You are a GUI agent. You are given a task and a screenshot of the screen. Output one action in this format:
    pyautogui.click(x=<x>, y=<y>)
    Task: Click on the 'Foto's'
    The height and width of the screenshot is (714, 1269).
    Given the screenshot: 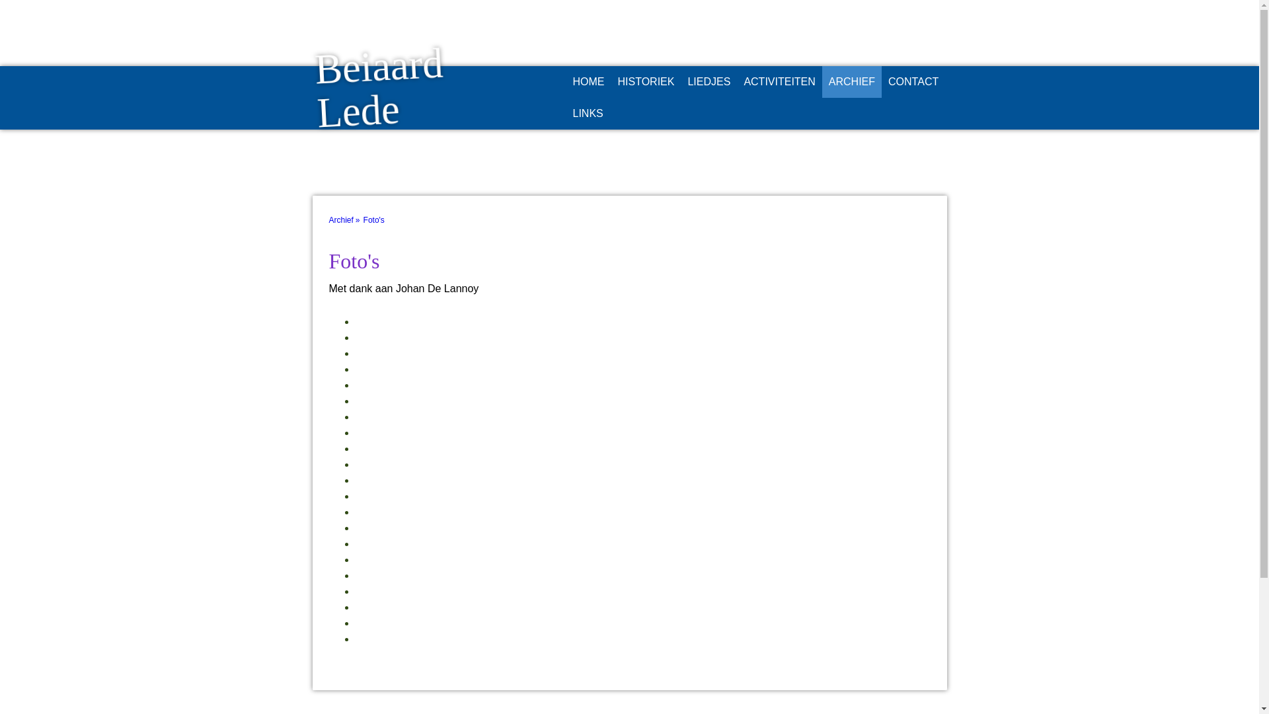 What is the action you would take?
    pyautogui.click(x=376, y=219)
    